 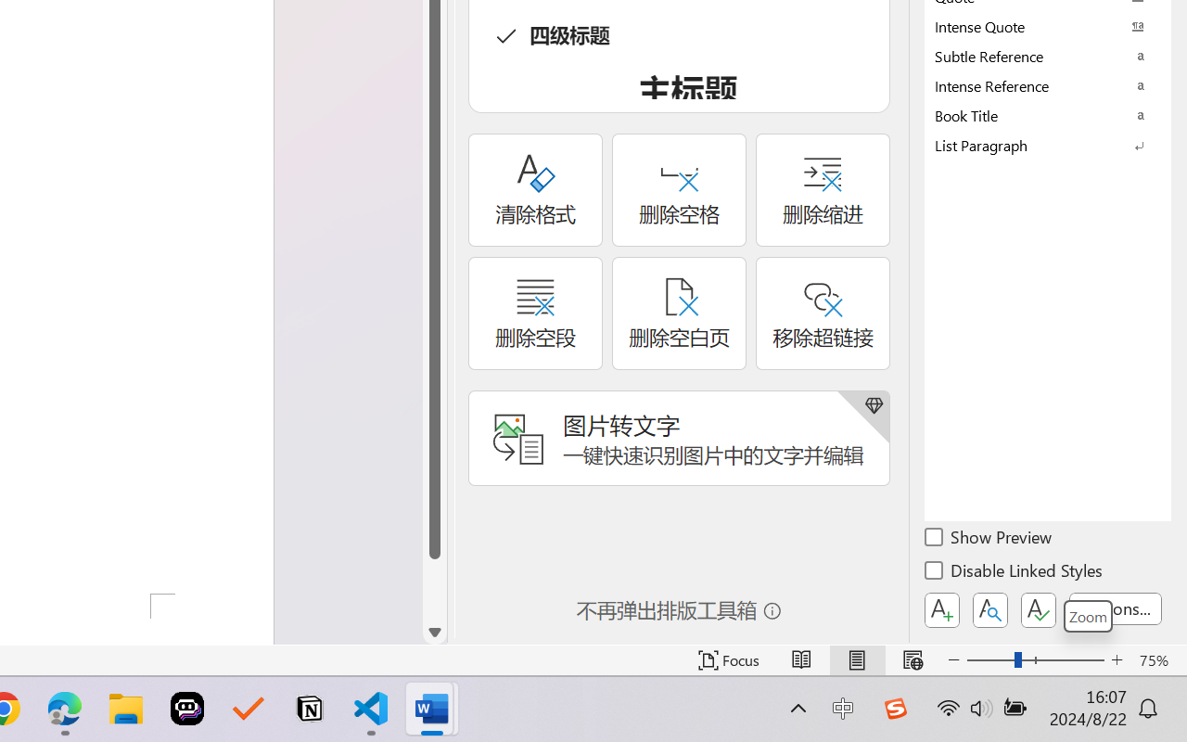 I want to click on 'Intense Quote', so click(x=1048, y=26).